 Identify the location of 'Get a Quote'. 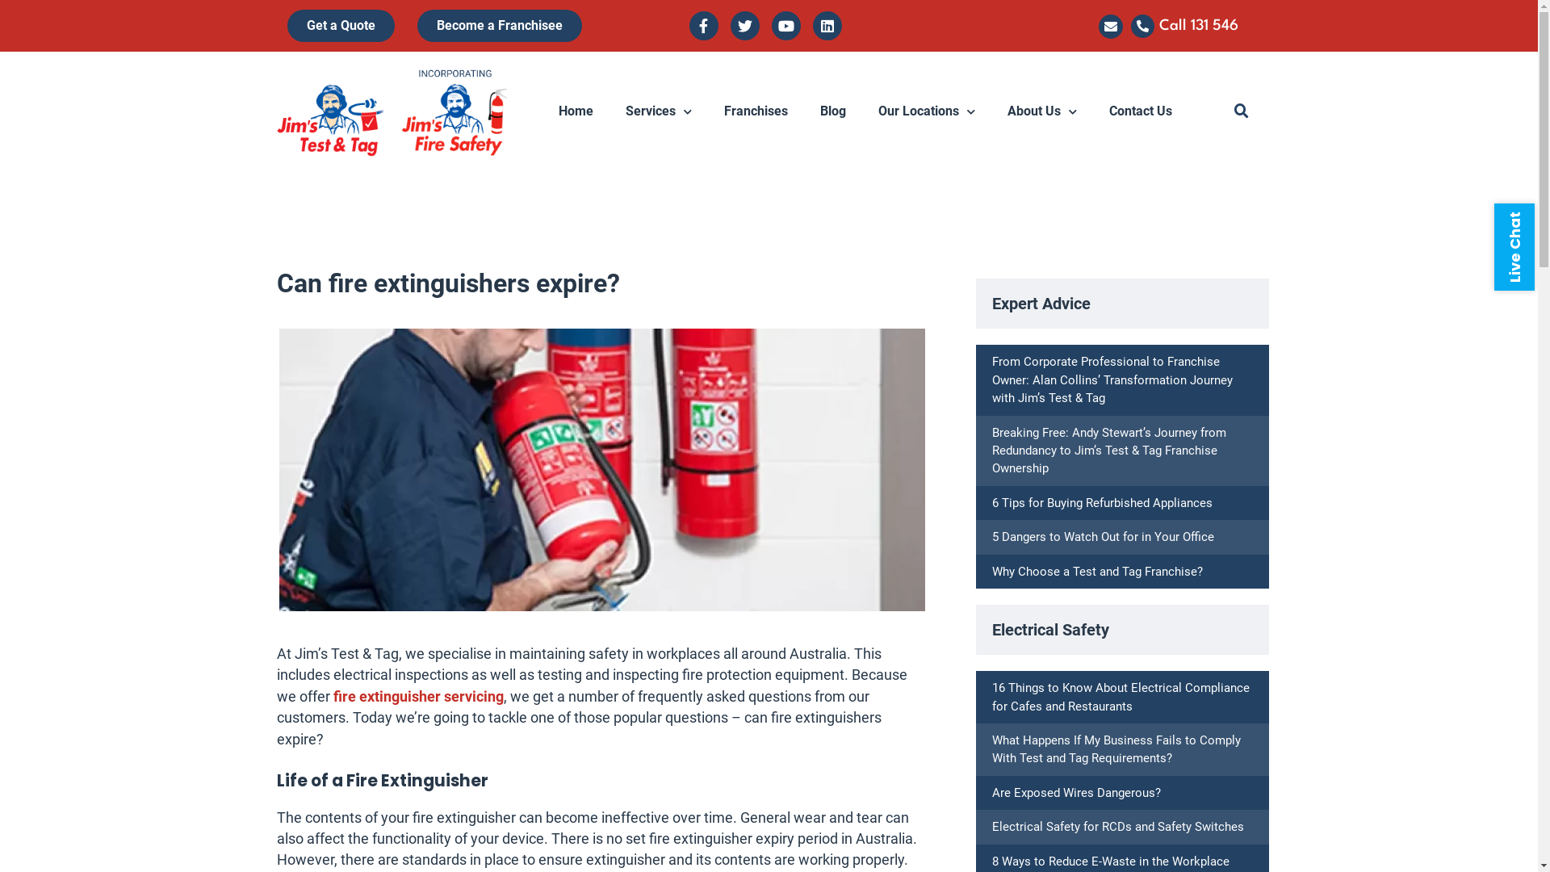
(287, 25).